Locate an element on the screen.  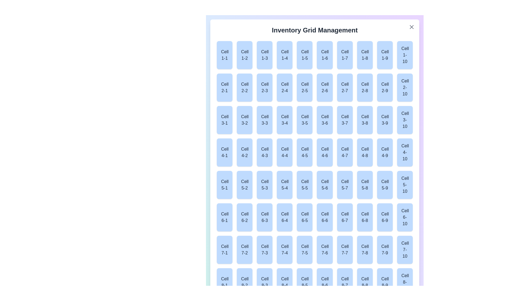
close button in the top-right corner of the dialog box is located at coordinates (411, 27).